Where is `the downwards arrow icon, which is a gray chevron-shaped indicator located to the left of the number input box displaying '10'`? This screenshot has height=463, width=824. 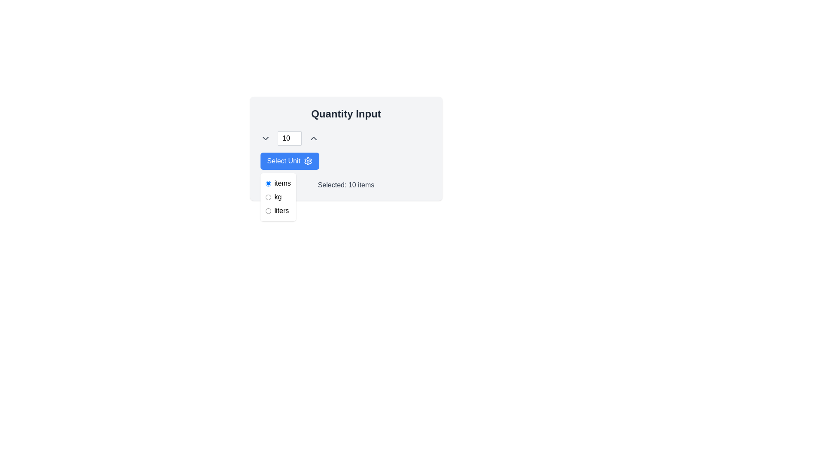
the downwards arrow icon, which is a gray chevron-shaped indicator located to the left of the number input box displaying '10' is located at coordinates (265, 138).